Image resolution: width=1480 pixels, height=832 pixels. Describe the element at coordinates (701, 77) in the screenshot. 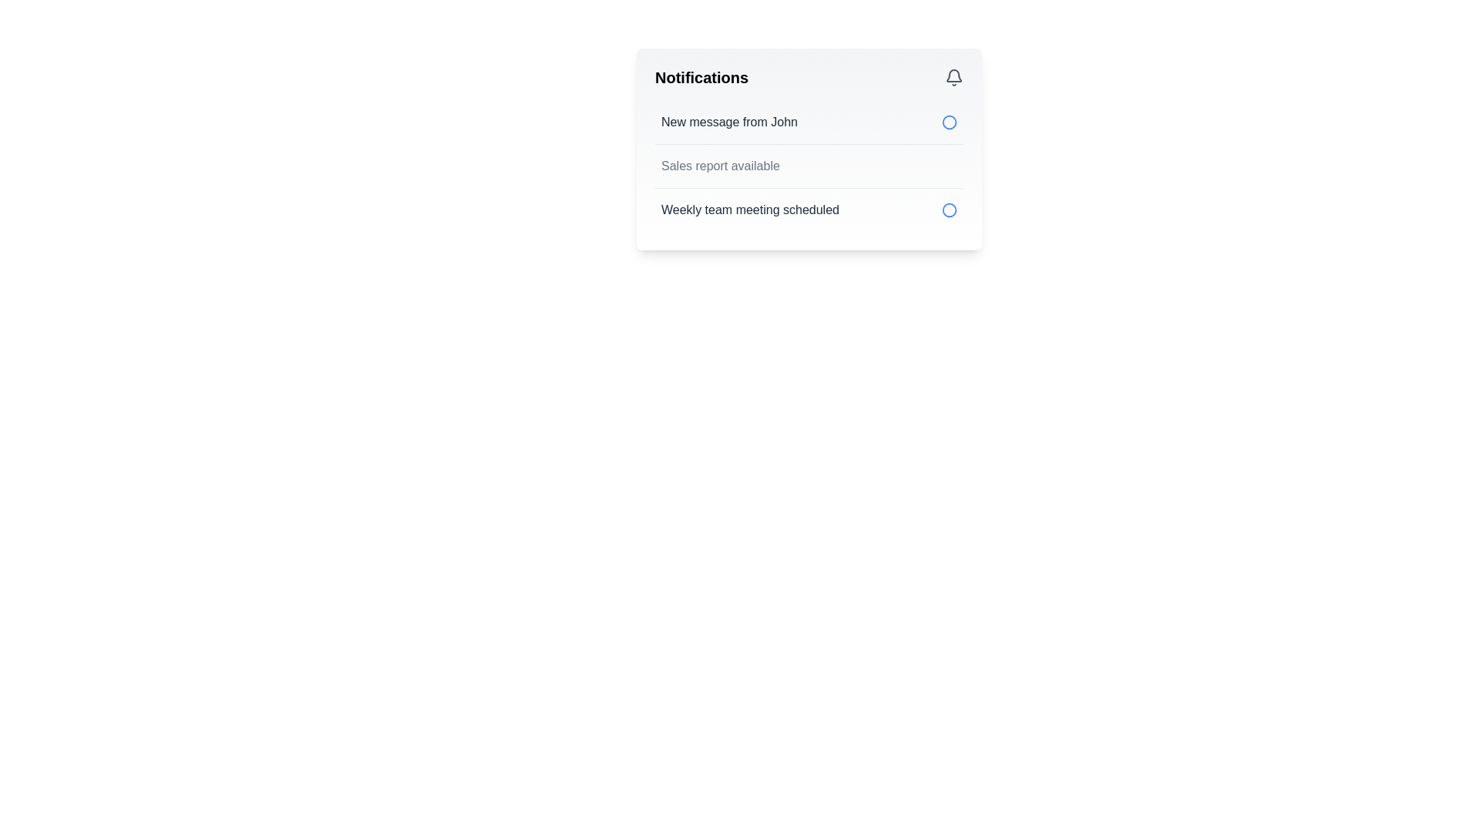

I see `the text label at the top-left corner of the notification panel, which indicates the purpose of the panel` at that location.